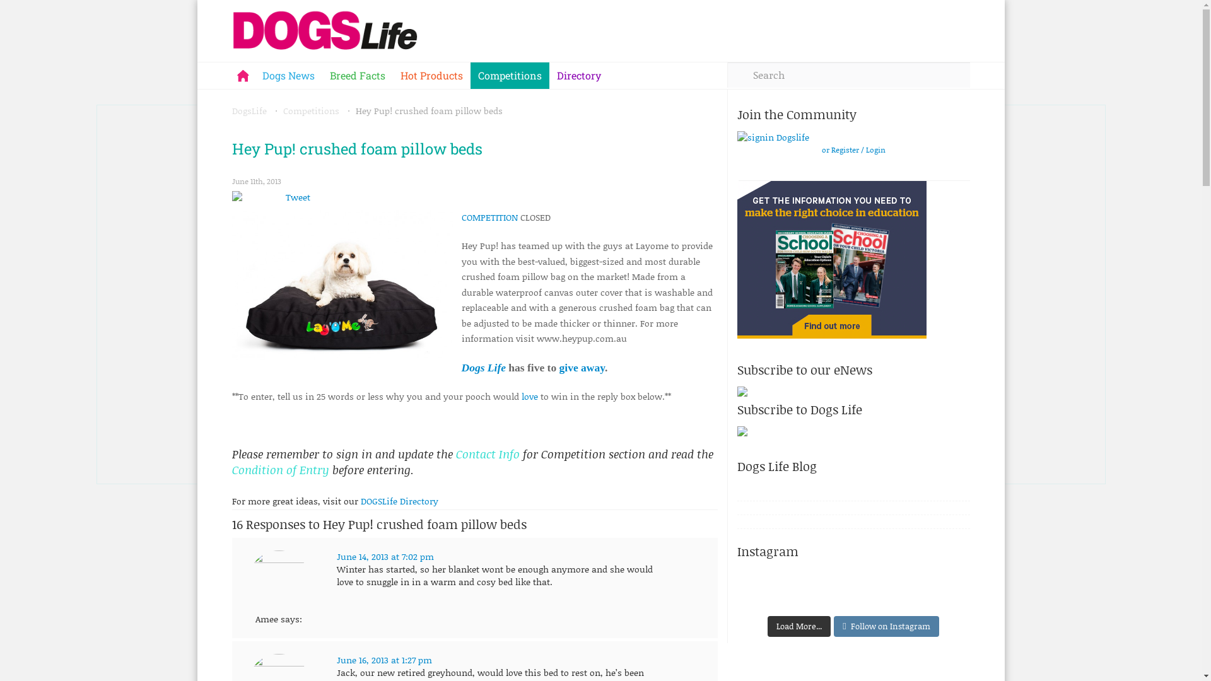 Image resolution: width=1211 pixels, height=681 pixels. I want to click on 'give away', so click(581, 367).